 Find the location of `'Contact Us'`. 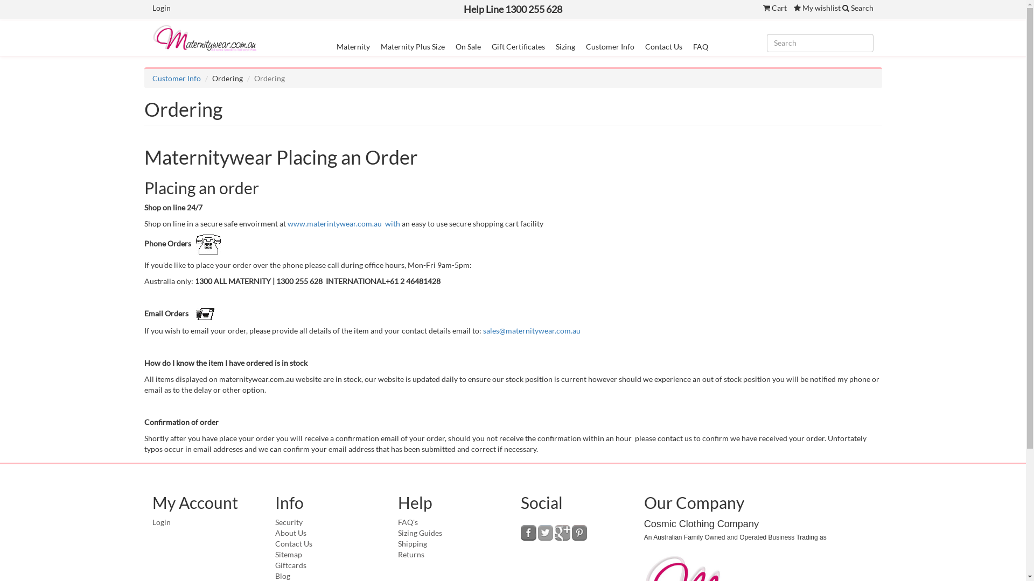

'Contact Us' is located at coordinates (645, 46).